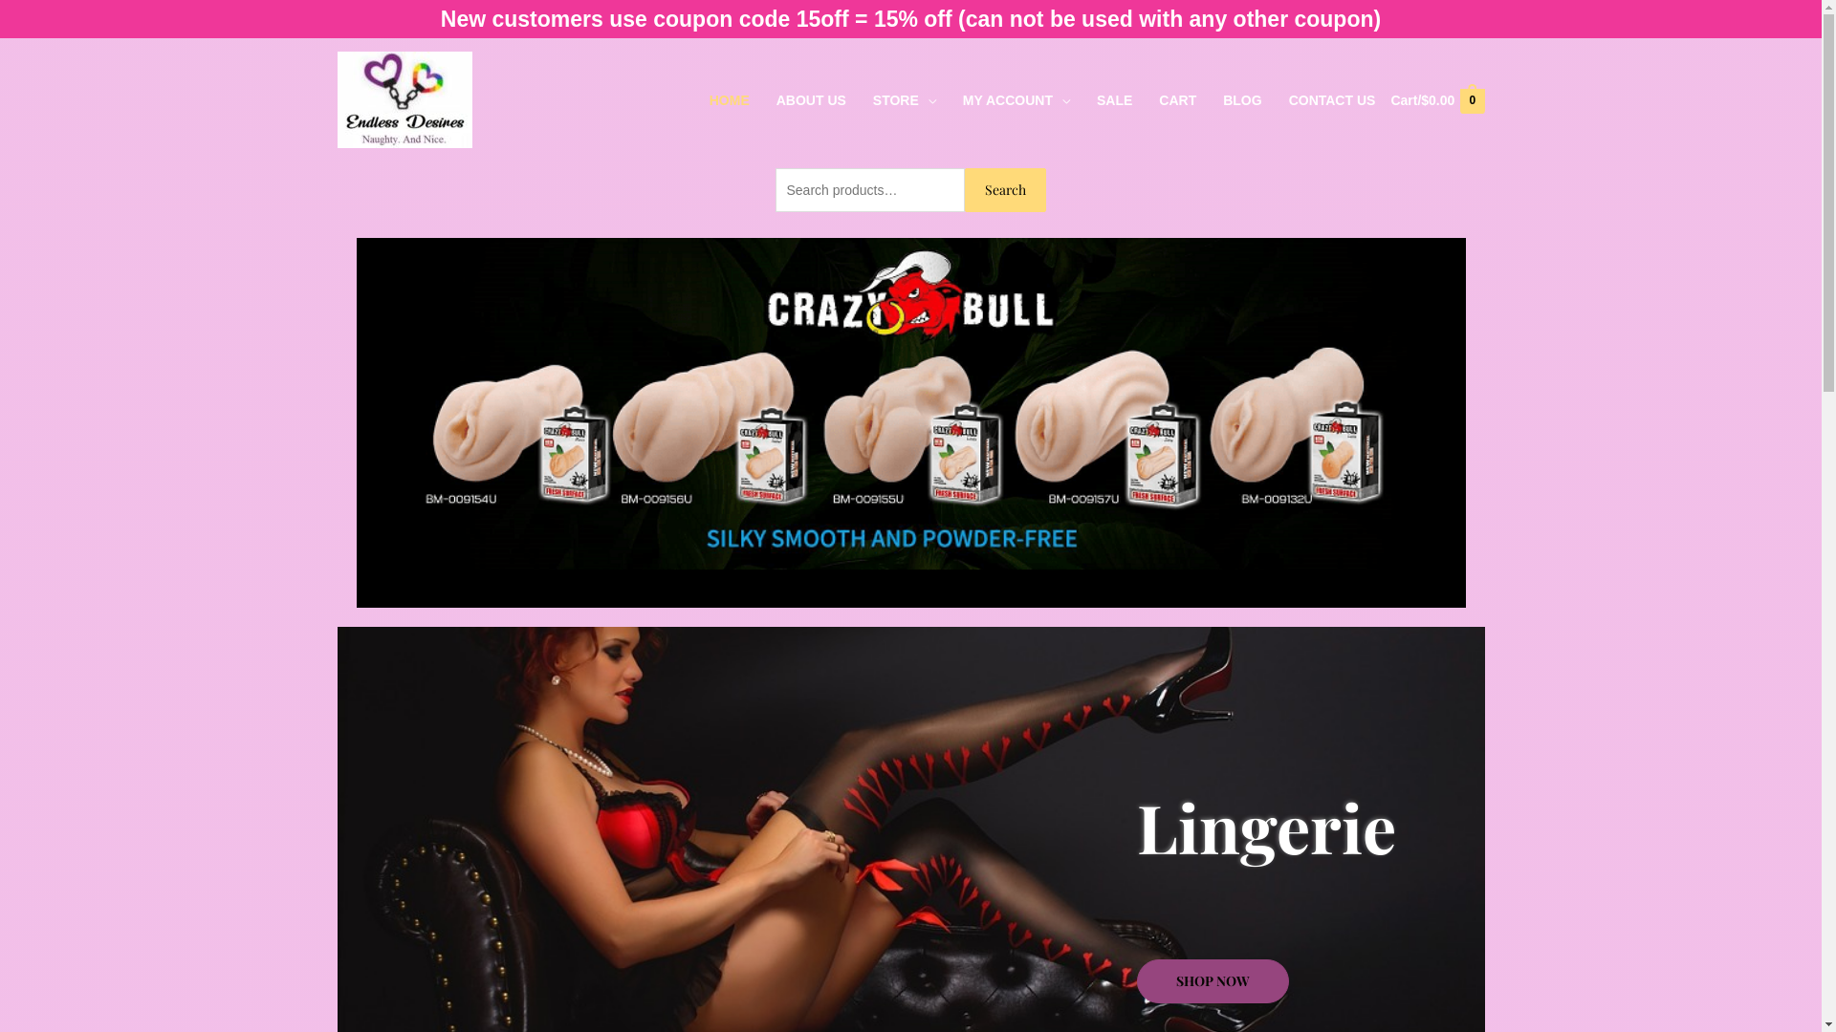 The width and height of the screenshot is (1836, 1032). I want to click on 'CART', so click(1176, 99).